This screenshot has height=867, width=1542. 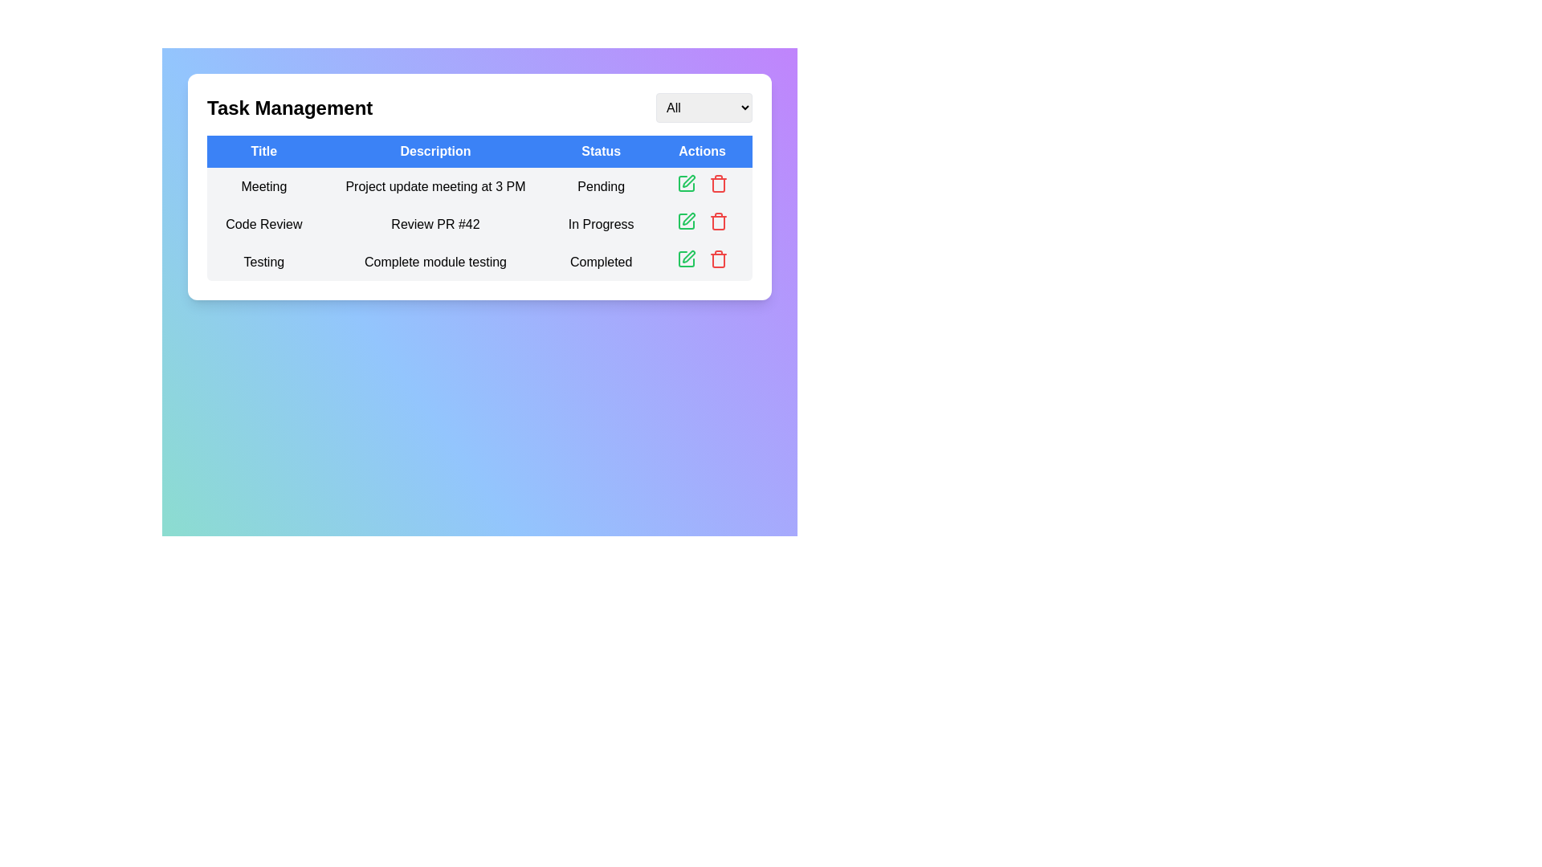 I want to click on the text label 'Actions' which is styled with white text on a blue background, serving as the header for the fourth column in a table layout, so click(x=702, y=152).